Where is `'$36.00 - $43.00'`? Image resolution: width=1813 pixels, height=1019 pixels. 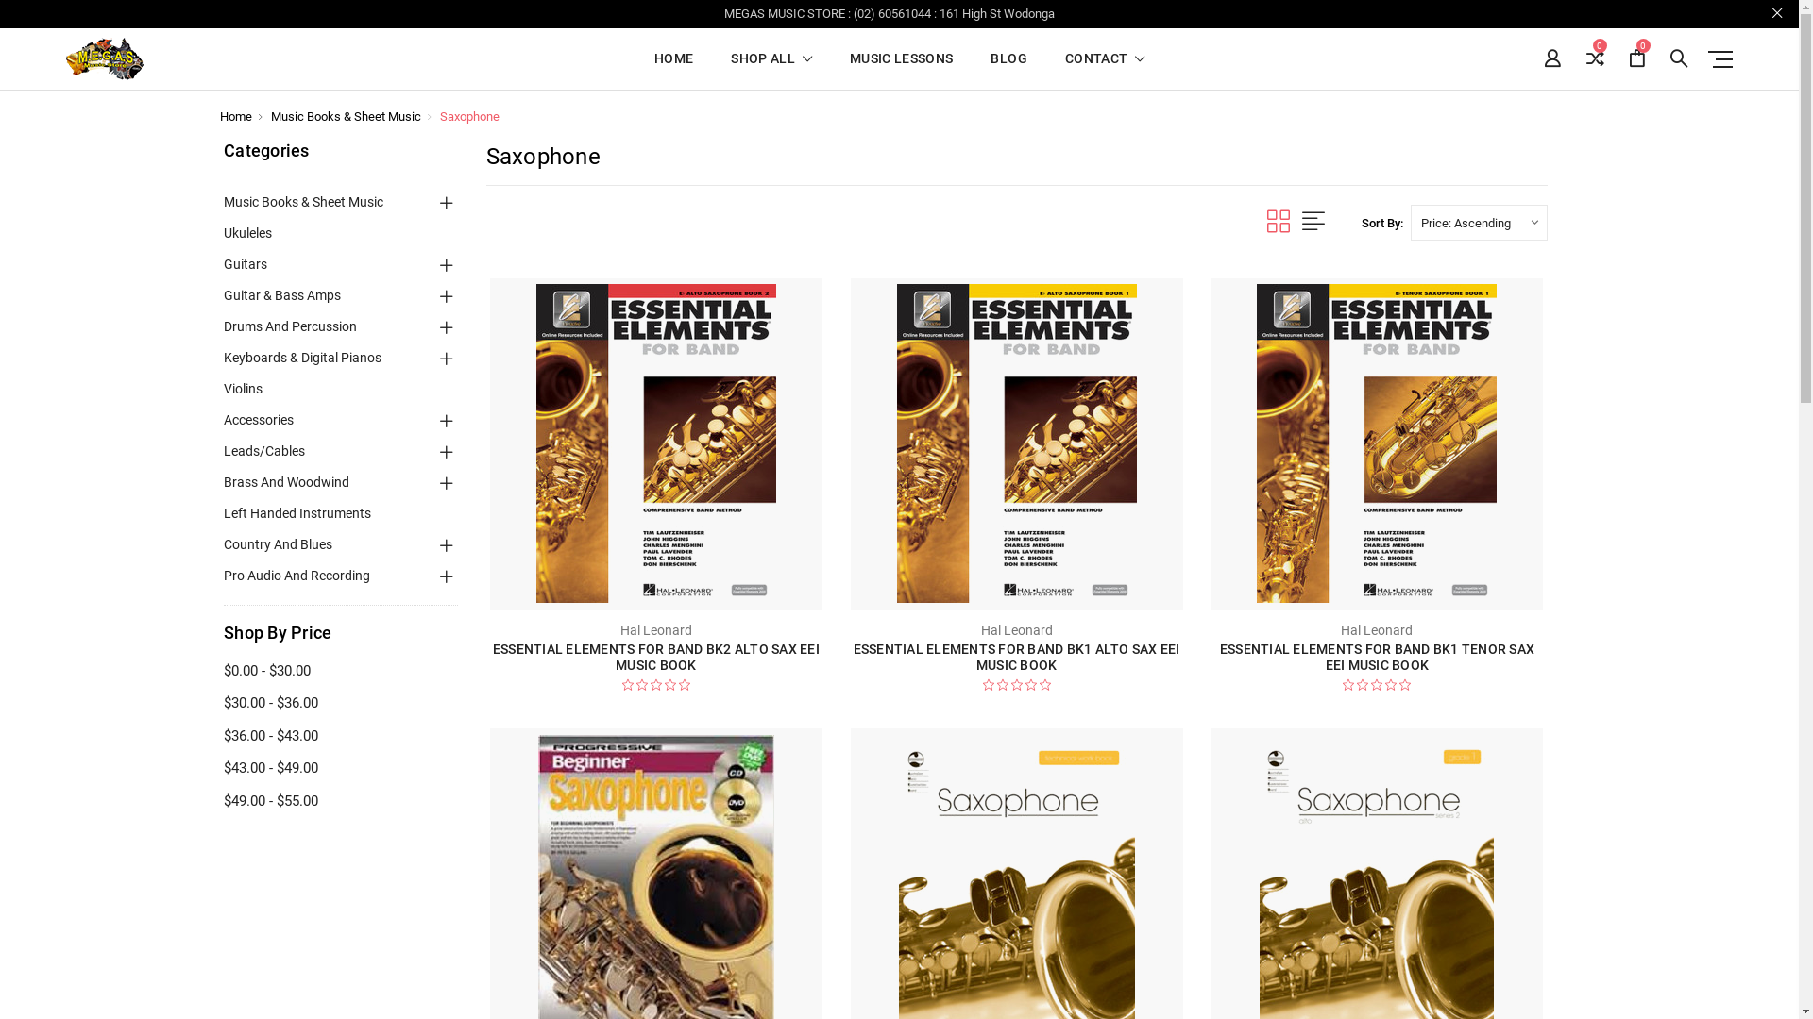 '$36.00 - $43.00' is located at coordinates (340, 734).